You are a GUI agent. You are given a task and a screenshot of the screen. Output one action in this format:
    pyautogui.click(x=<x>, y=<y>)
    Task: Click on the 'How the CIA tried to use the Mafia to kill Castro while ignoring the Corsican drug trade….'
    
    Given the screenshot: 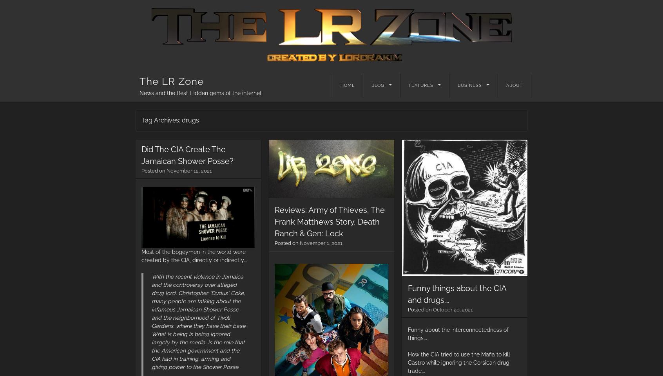 What is the action you would take?
    pyautogui.click(x=407, y=362)
    